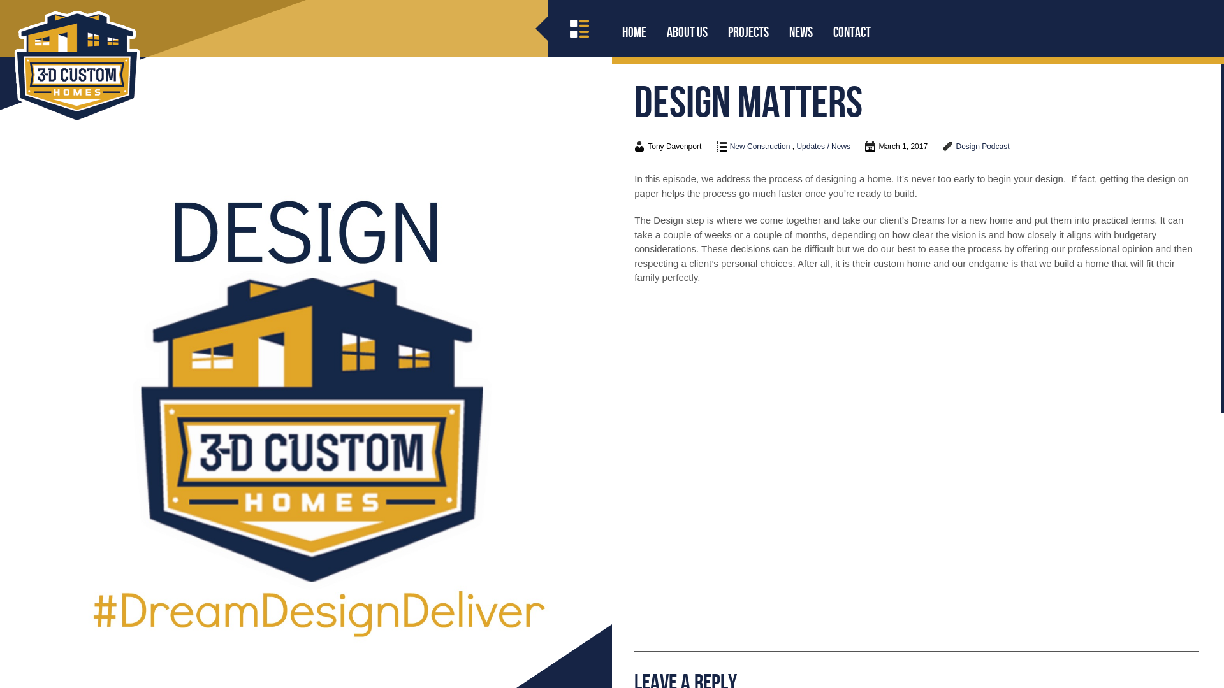 The image size is (1224, 688). What do you see at coordinates (687, 31) in the screenshot?
I see `'About Us'` at bounding box center [687, 31].